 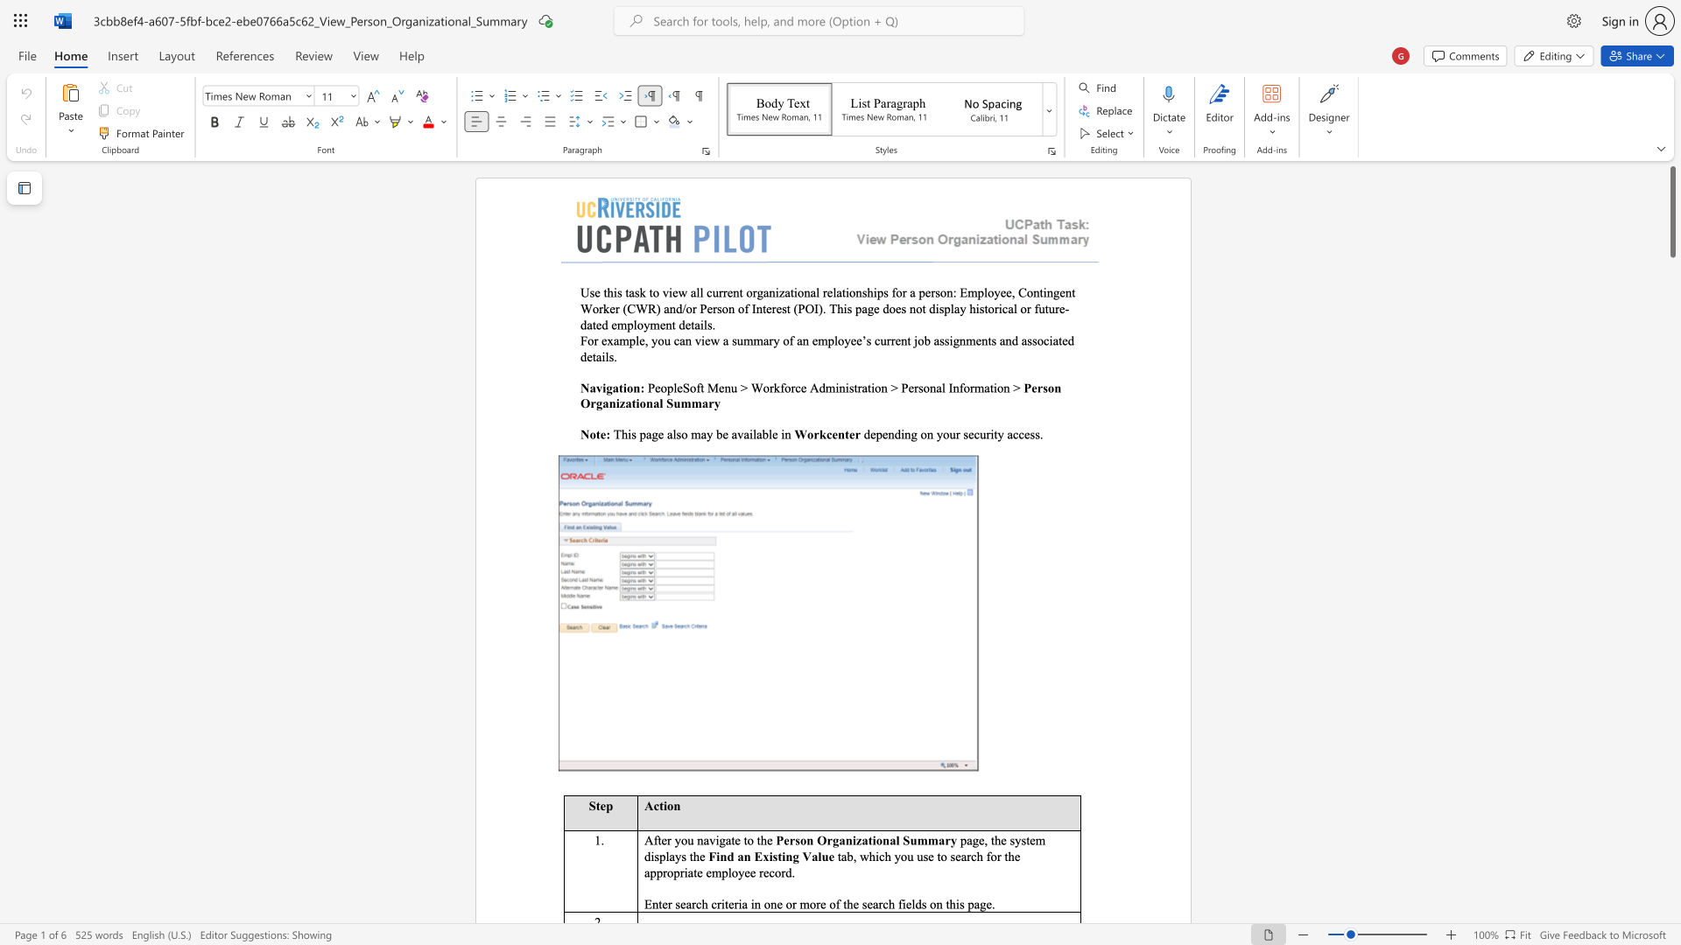 I want to click on the 1th character "a" in the text, so click(x=593, y=387).